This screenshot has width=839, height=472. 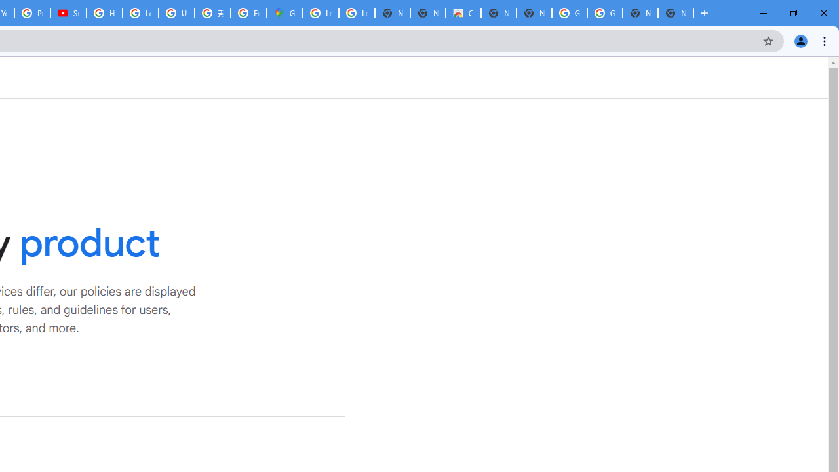 What do you see at coordinates (604, 13) in the screenshot?
I see `'Google Images'` at bounding box center [604, 13].